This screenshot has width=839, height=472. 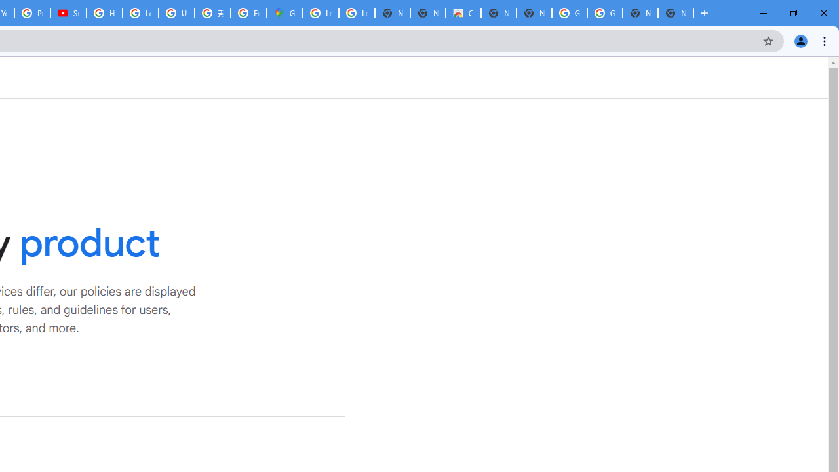 What do you see at coordinates (604, 13) in the screenshot?
I see `'Google Images'` at bounding box center [604, 13].